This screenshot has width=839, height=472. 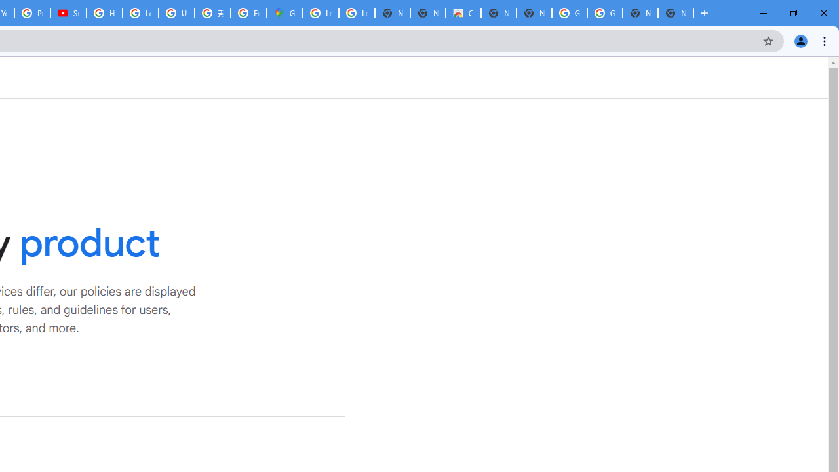 What do you see at coordinates (604, 13) in the screenshot?
I see `'Google Images'` at bounding box center [604, 13].